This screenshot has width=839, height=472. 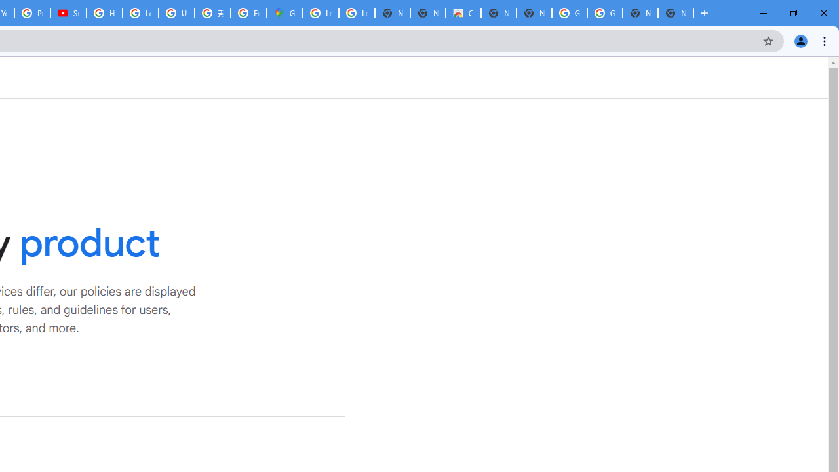 What do you see at coordinates (604, 13) in the screenshot?
I see `'Google Images'` at bounding box center [604, 13].